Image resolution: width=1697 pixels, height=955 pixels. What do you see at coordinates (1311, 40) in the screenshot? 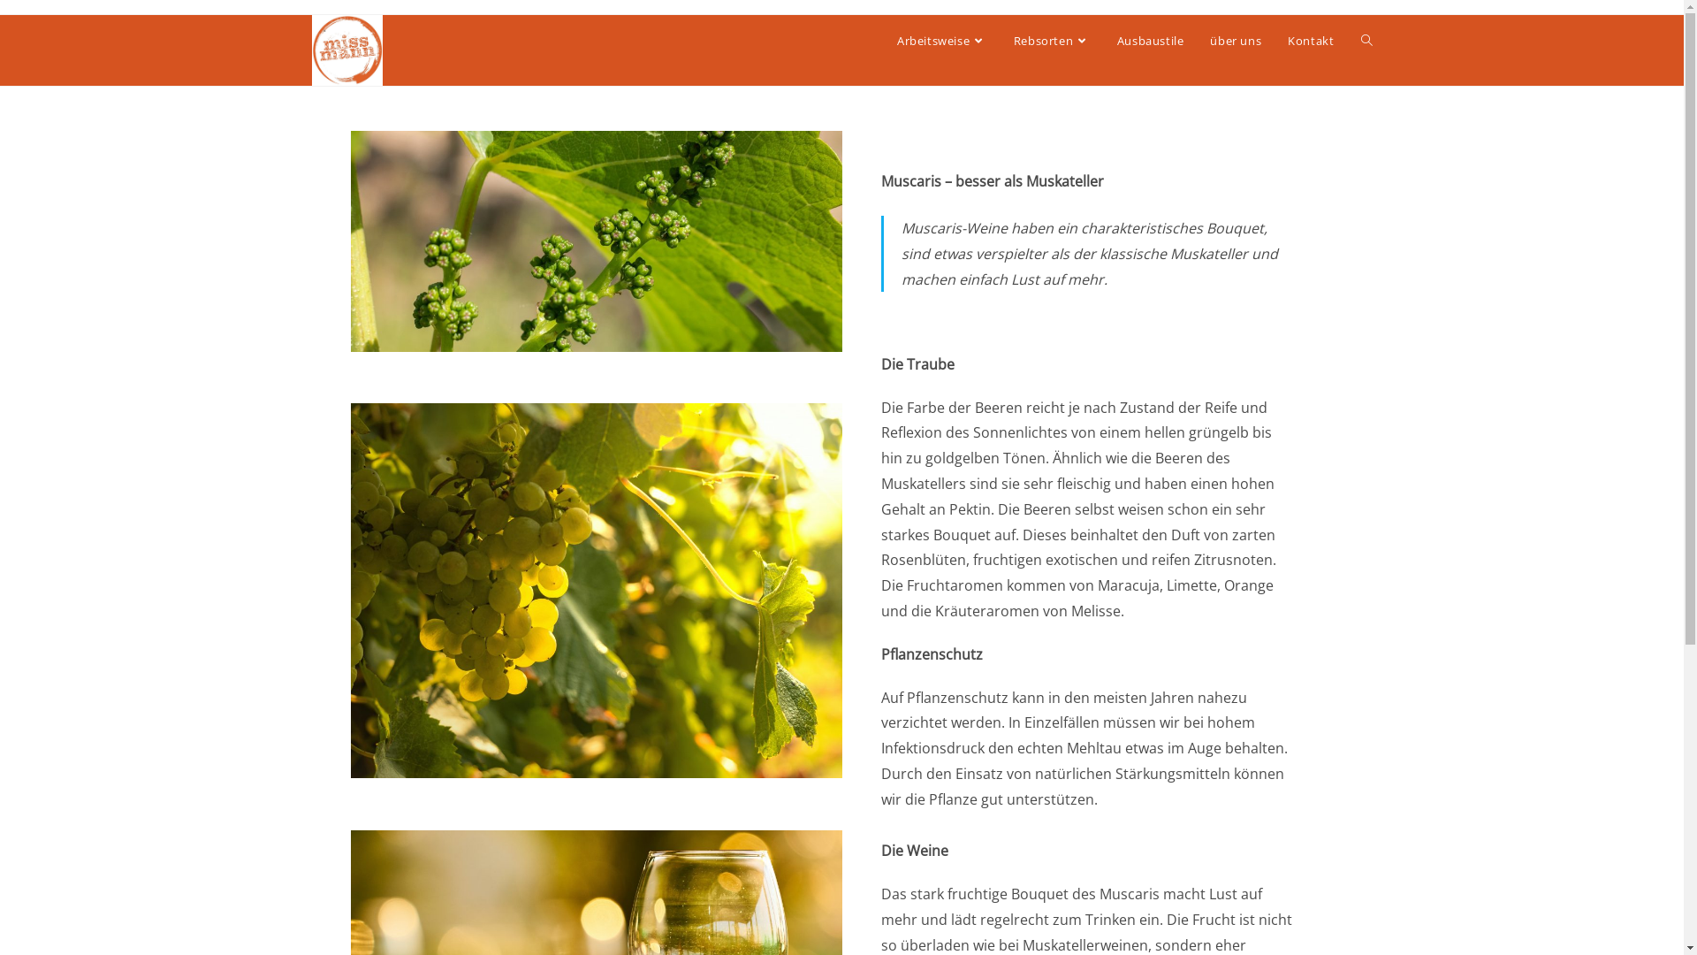
I see `'Kontakt'` at bounding box center [1311, 40].